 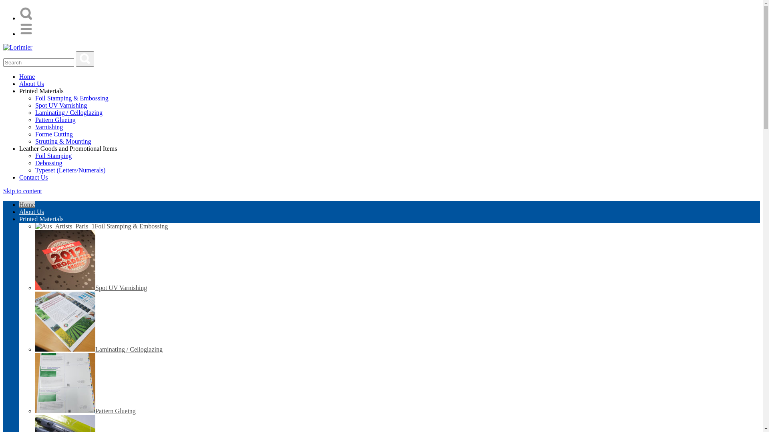 What do you see at coordinates (31, 211) in the screenshot?
I see `'About Us'` at bounding box center [31, 211].